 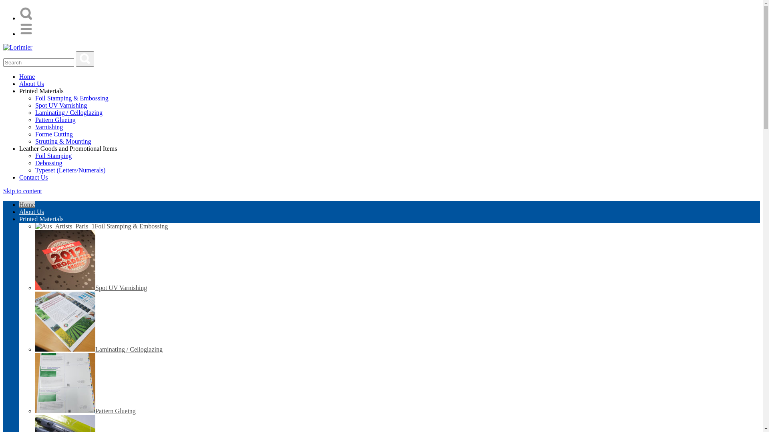 What do you see at coordinates (31, 211) in the screenshot?
I see `'About Us'` at bounding box center [31, 211].